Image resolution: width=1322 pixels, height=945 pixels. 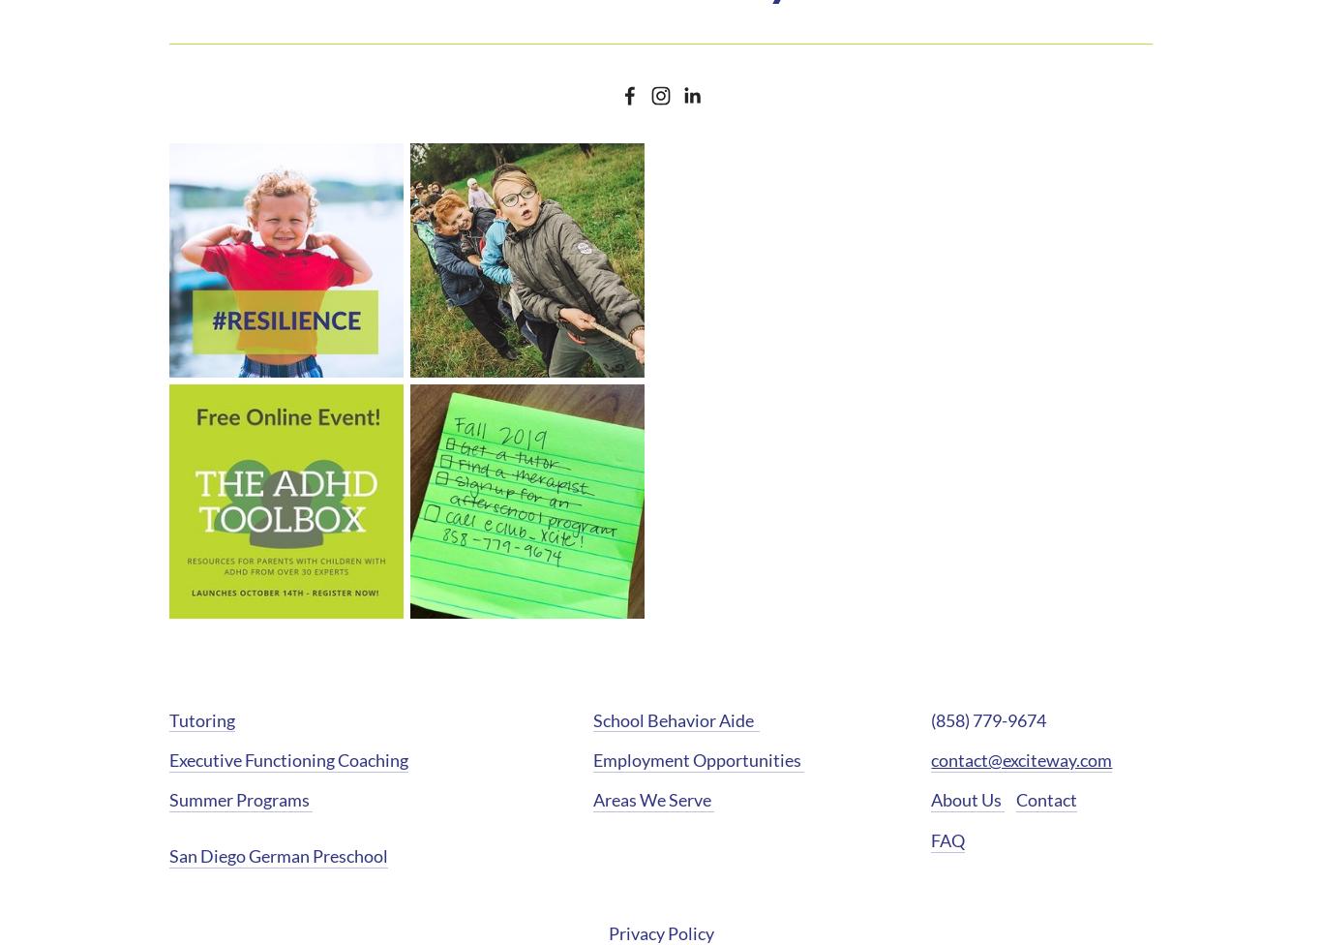 I want to click on 'contact@exciteway.com', so click(x=1020, y=759).